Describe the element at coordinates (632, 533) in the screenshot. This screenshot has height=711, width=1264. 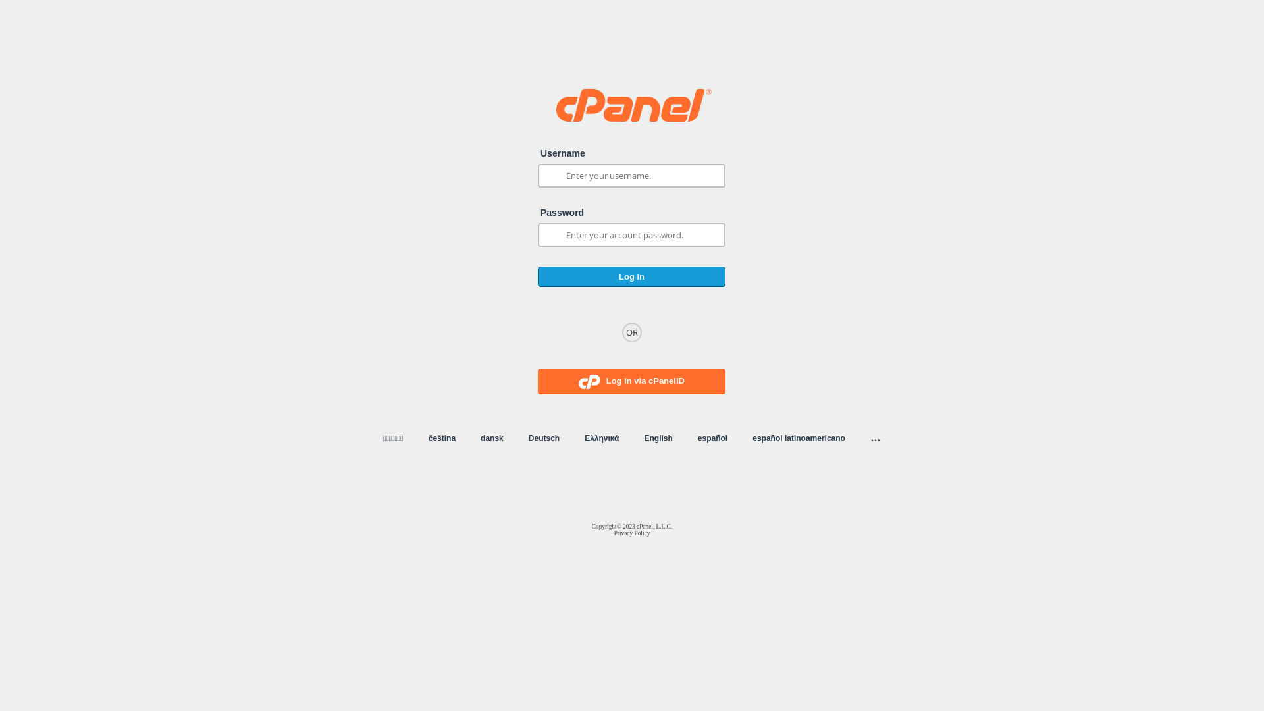
I see `'Privacy Policy'` at that location.